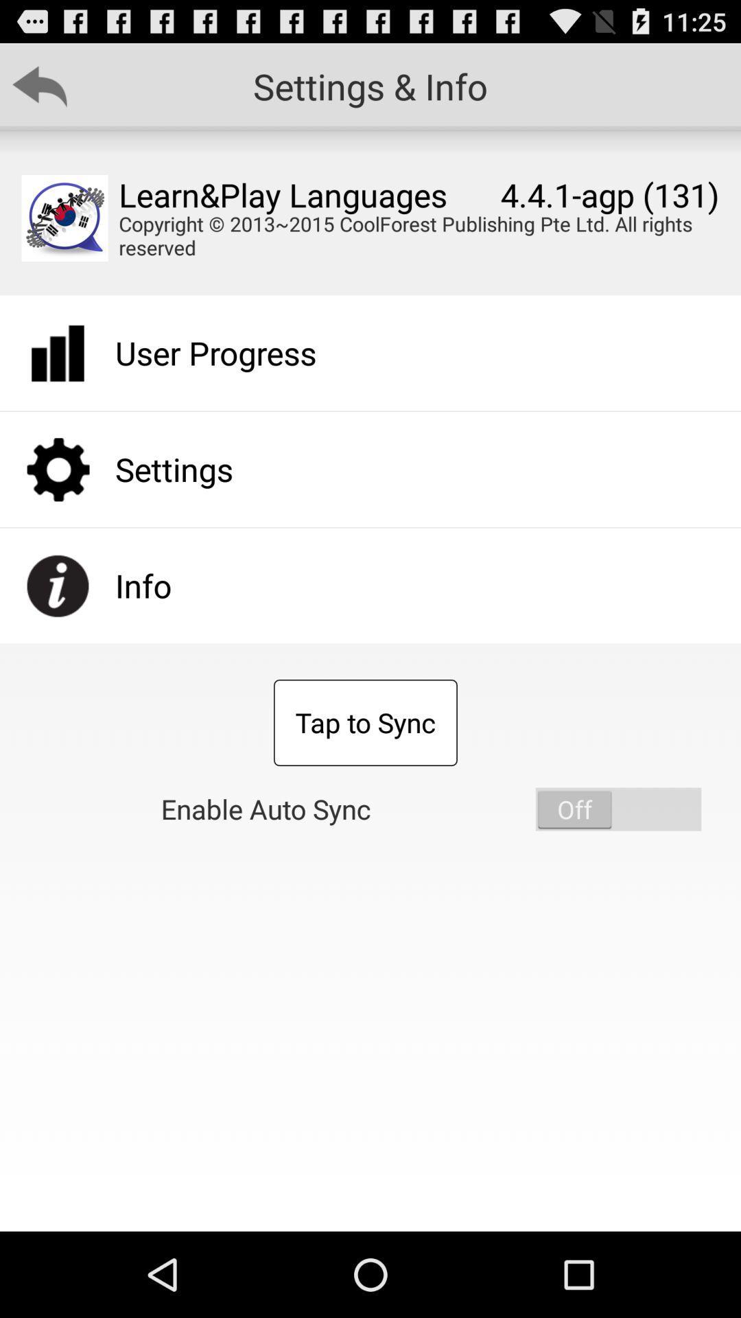 The image size is (741, 1318). I want to click on tap to sync icon, so click(364, 721).